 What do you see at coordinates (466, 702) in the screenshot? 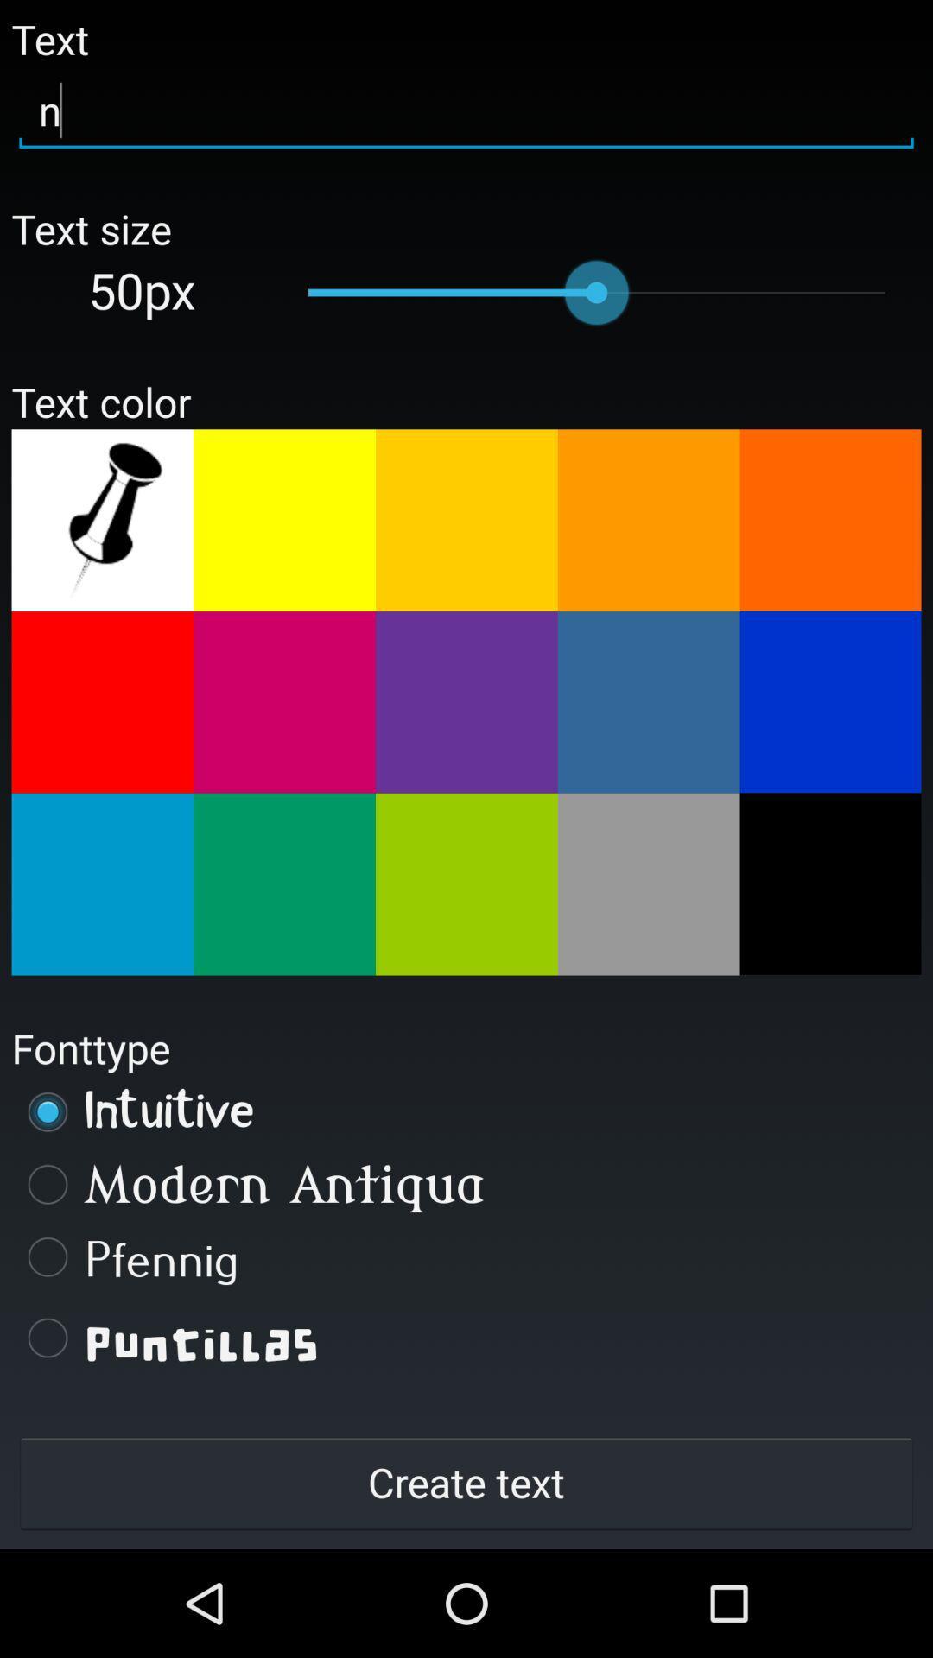
I see `color` at bounding box center [466, 702].